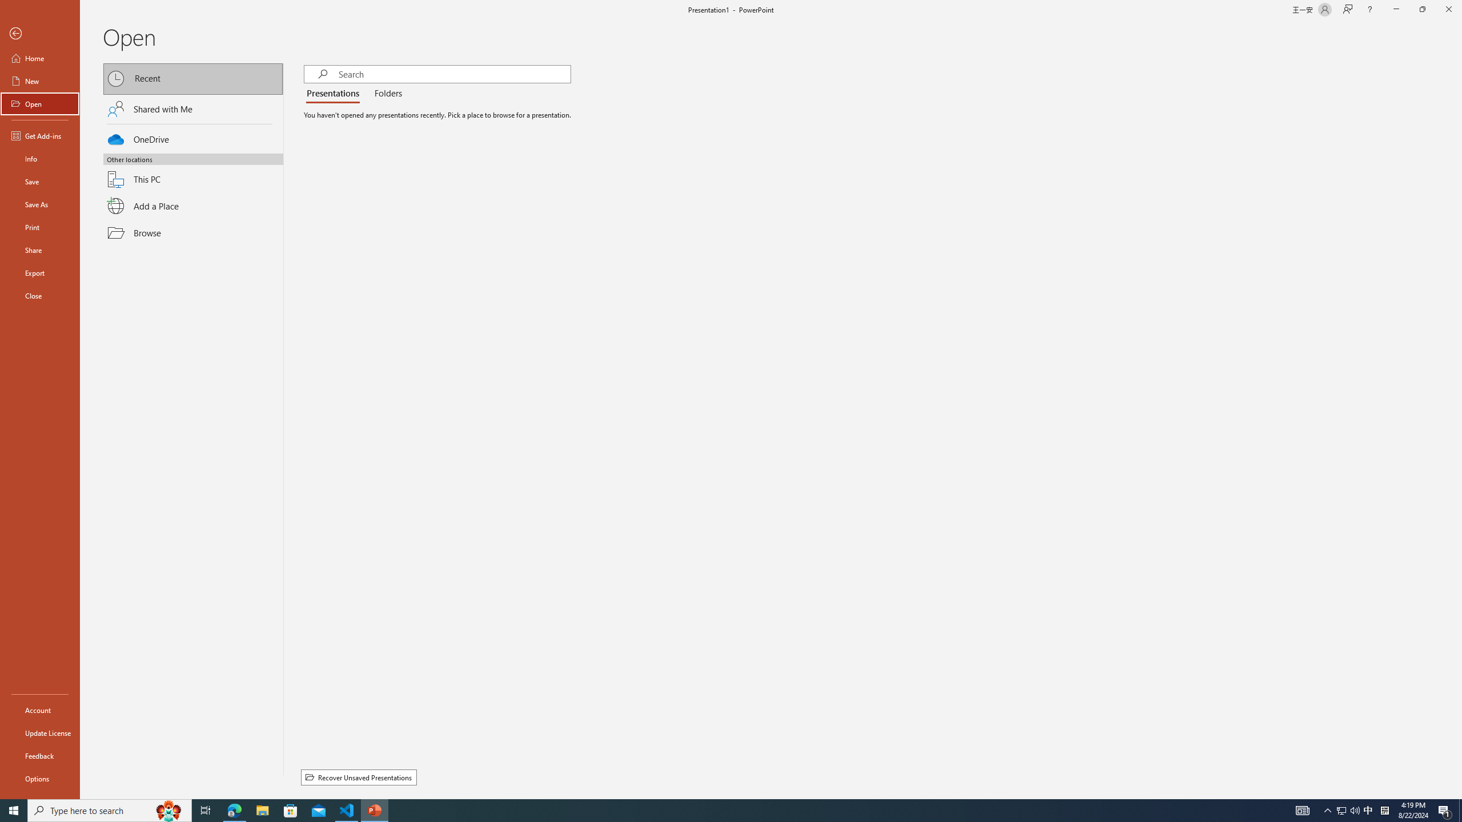 The height and width of the screenshot is (822, 1462). Describe the element at coordinates (39, 732) in the screenshot. I see `'Update License'` at that location.